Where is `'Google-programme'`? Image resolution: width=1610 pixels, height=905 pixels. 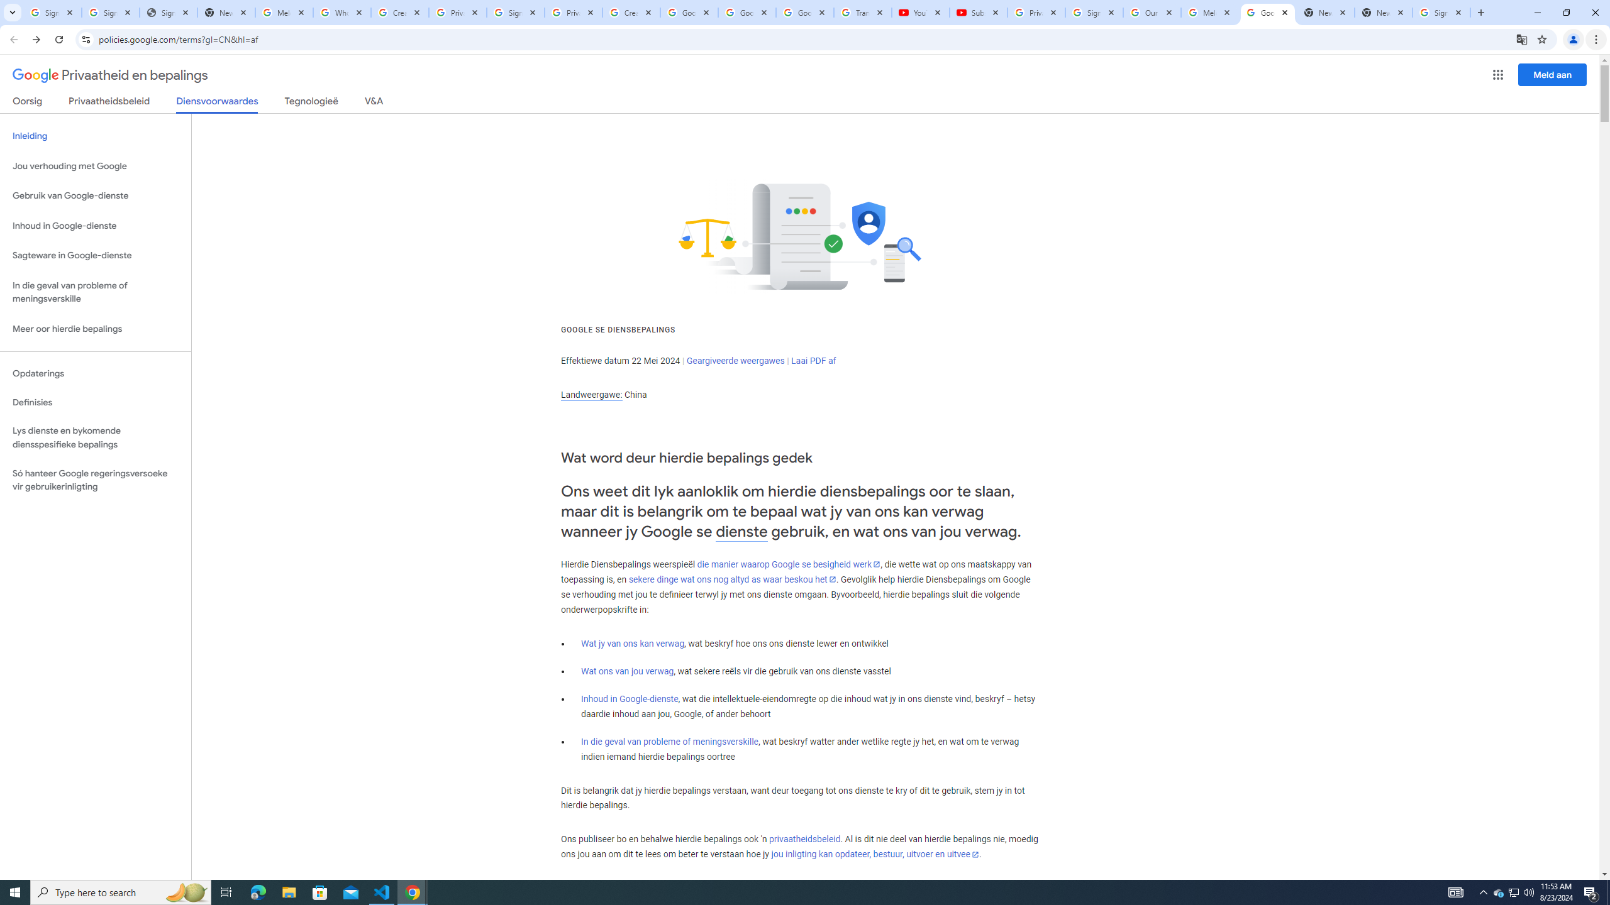 'Google-programme' is located at coordinates (1498, 74).